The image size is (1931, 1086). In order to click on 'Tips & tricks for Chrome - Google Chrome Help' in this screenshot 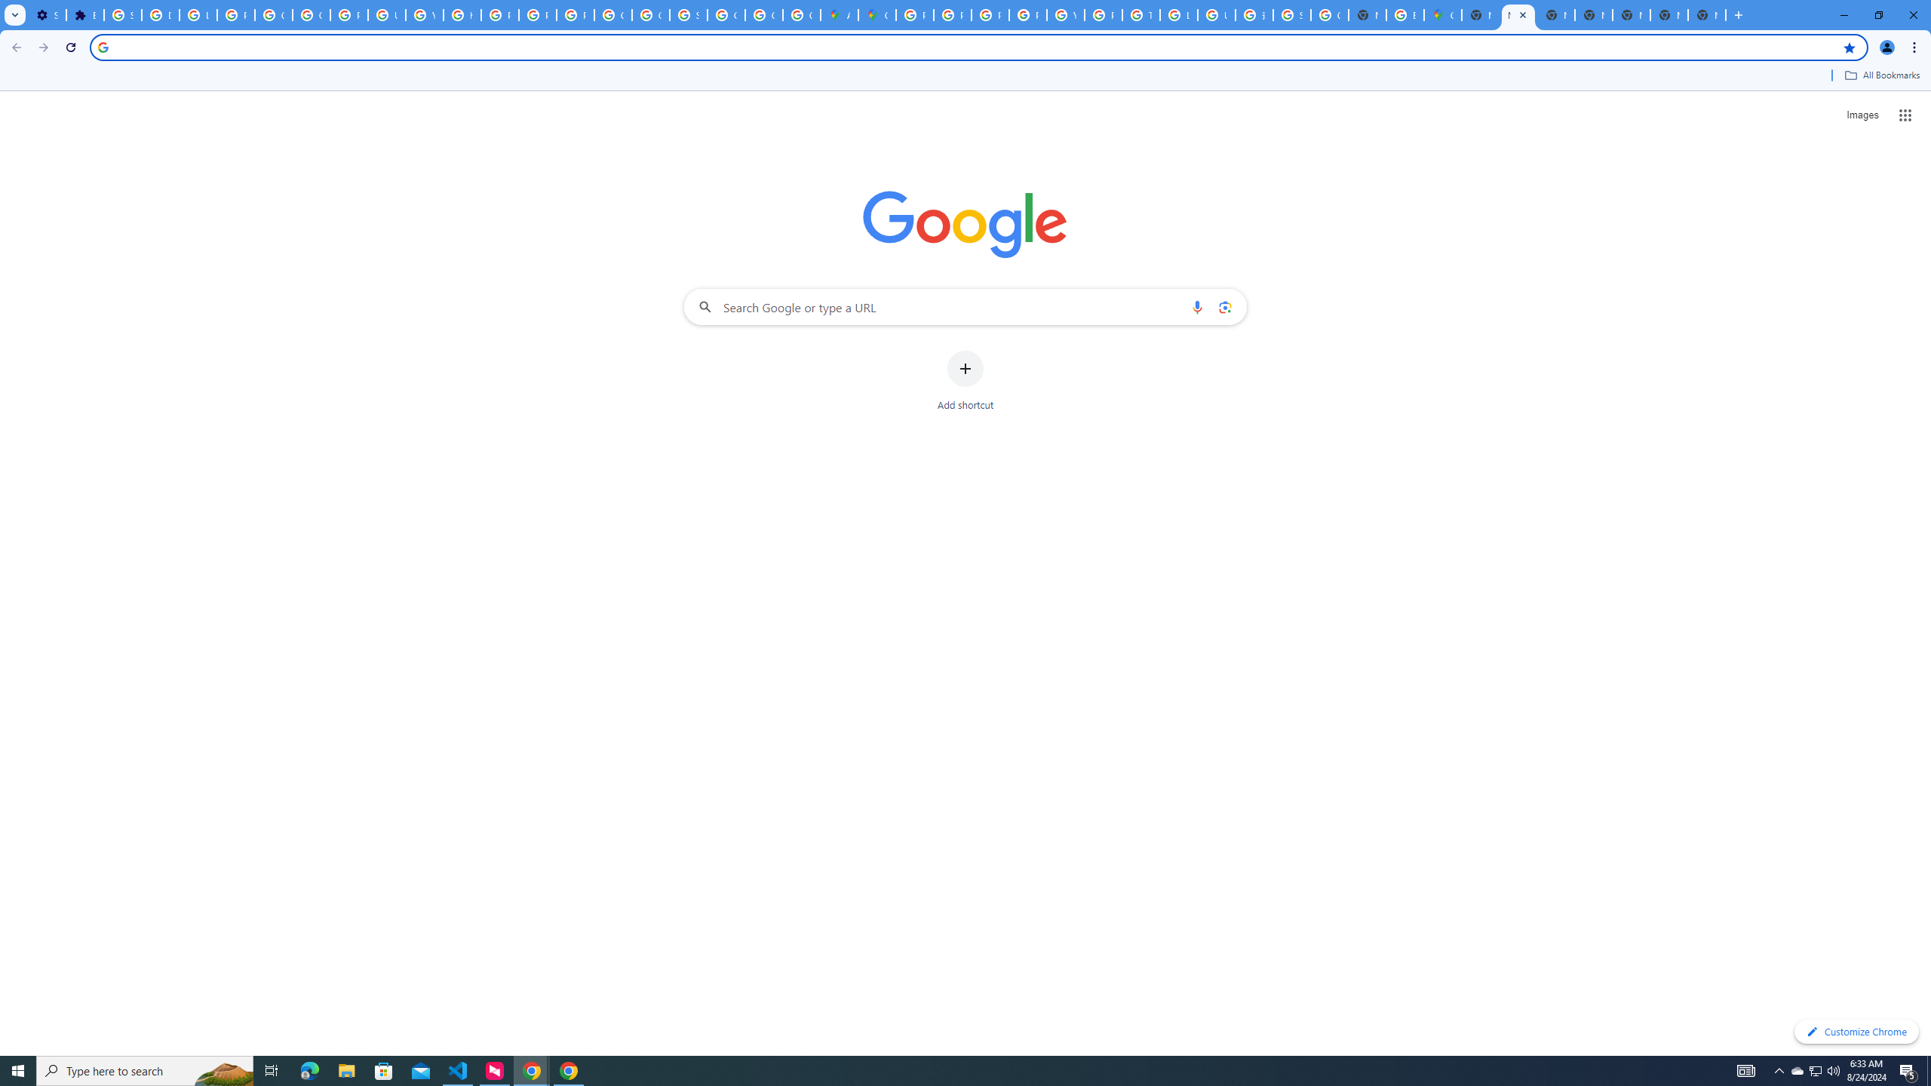, I will do `click(1140, 14)`.